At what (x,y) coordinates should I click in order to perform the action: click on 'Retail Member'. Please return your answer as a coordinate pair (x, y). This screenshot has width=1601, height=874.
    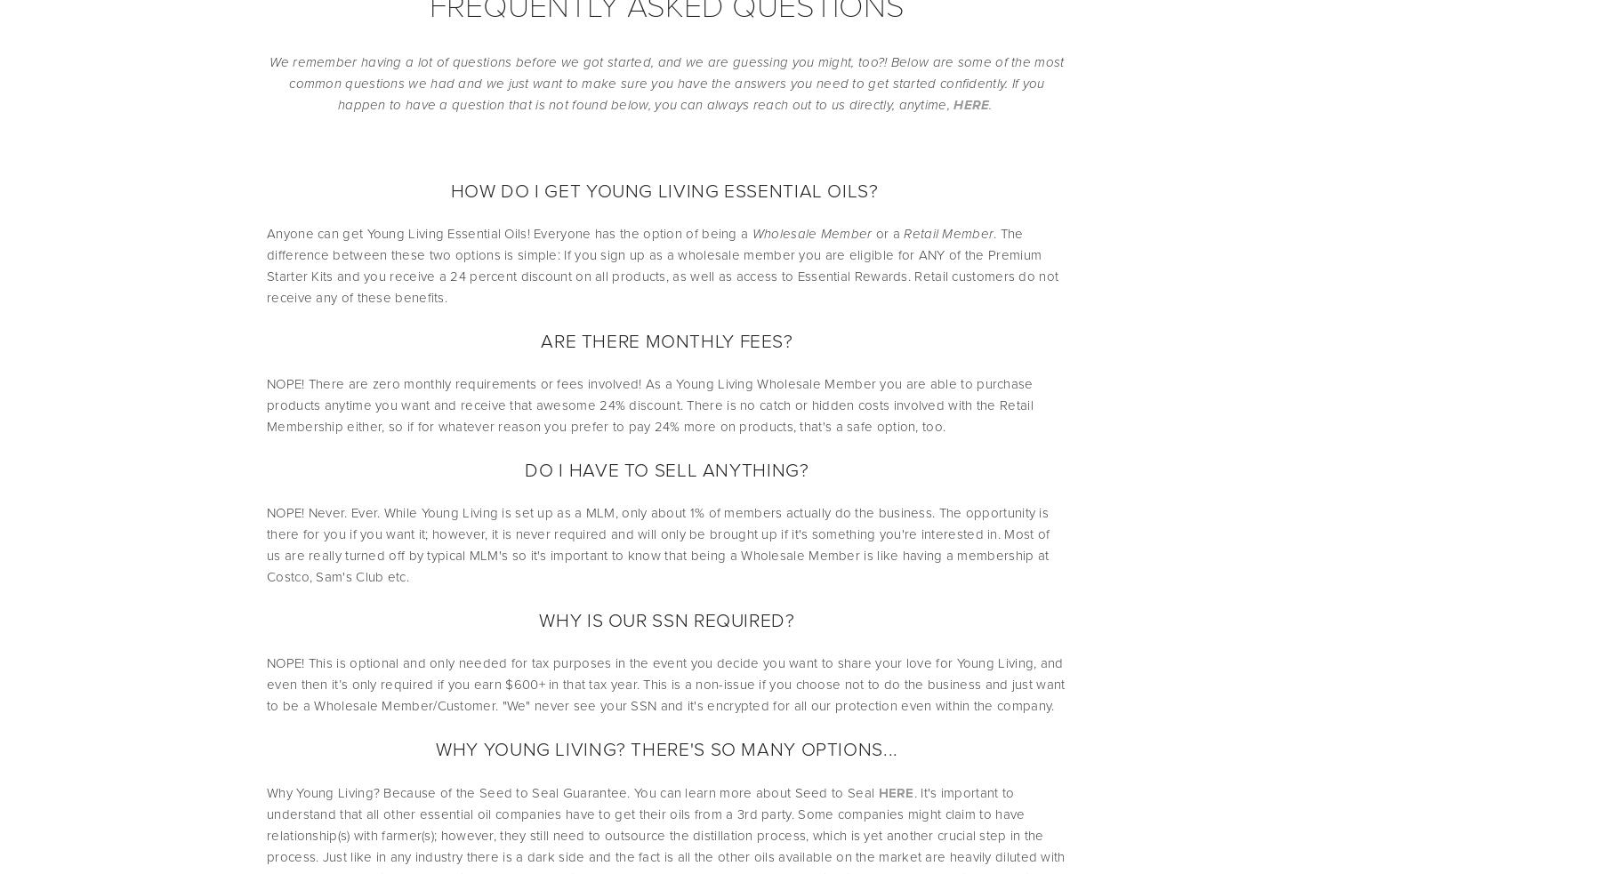
    Looking at the image, I should click on (948, 232).